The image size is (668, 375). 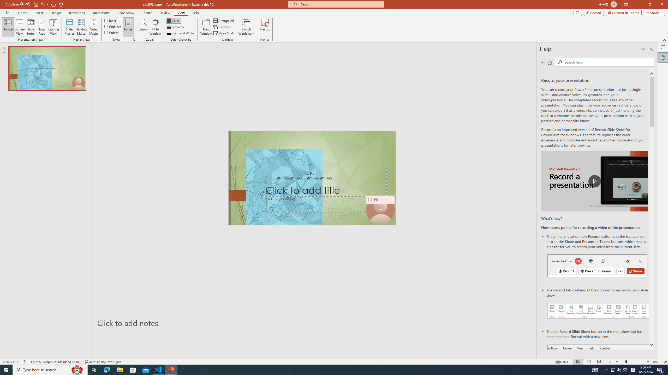 I want to click on 'Black and White', so click(x=181, y=33).